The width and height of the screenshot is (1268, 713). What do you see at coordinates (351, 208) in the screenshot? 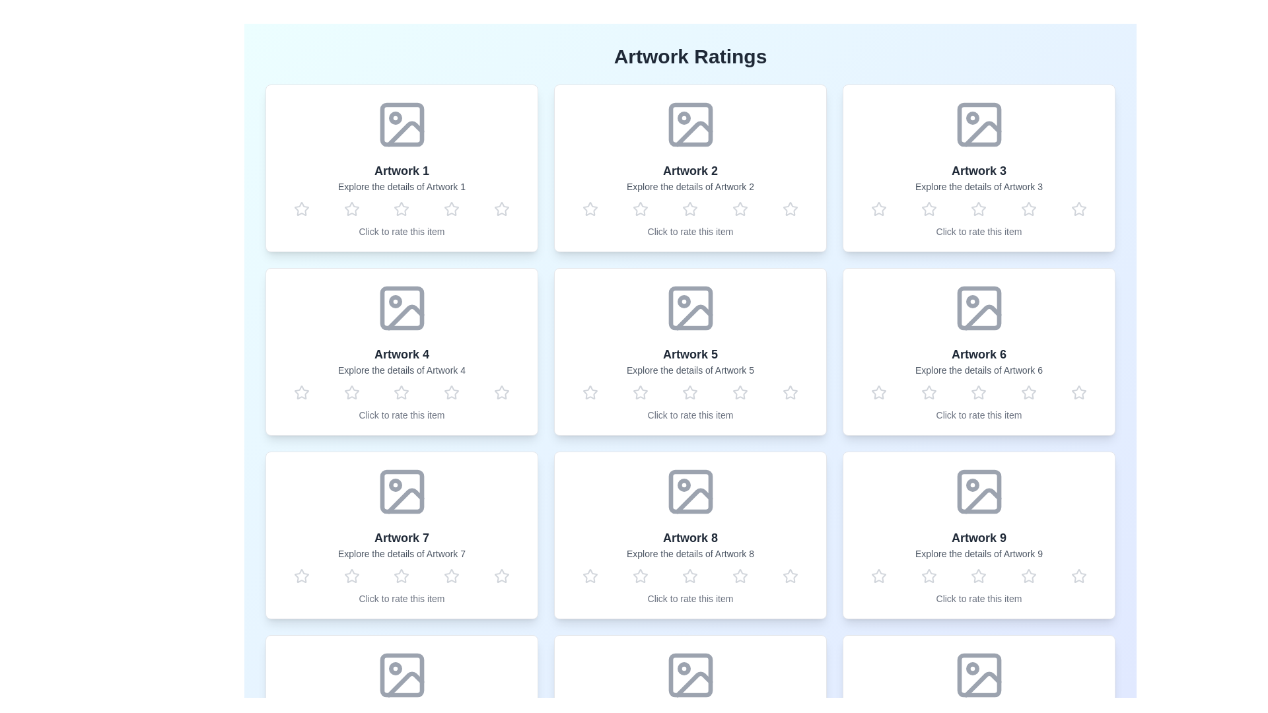
I see `the rating of an artwork to 2 stars by clicking on the corresponding star in the artwork's card` at bounding box center [351, 208].